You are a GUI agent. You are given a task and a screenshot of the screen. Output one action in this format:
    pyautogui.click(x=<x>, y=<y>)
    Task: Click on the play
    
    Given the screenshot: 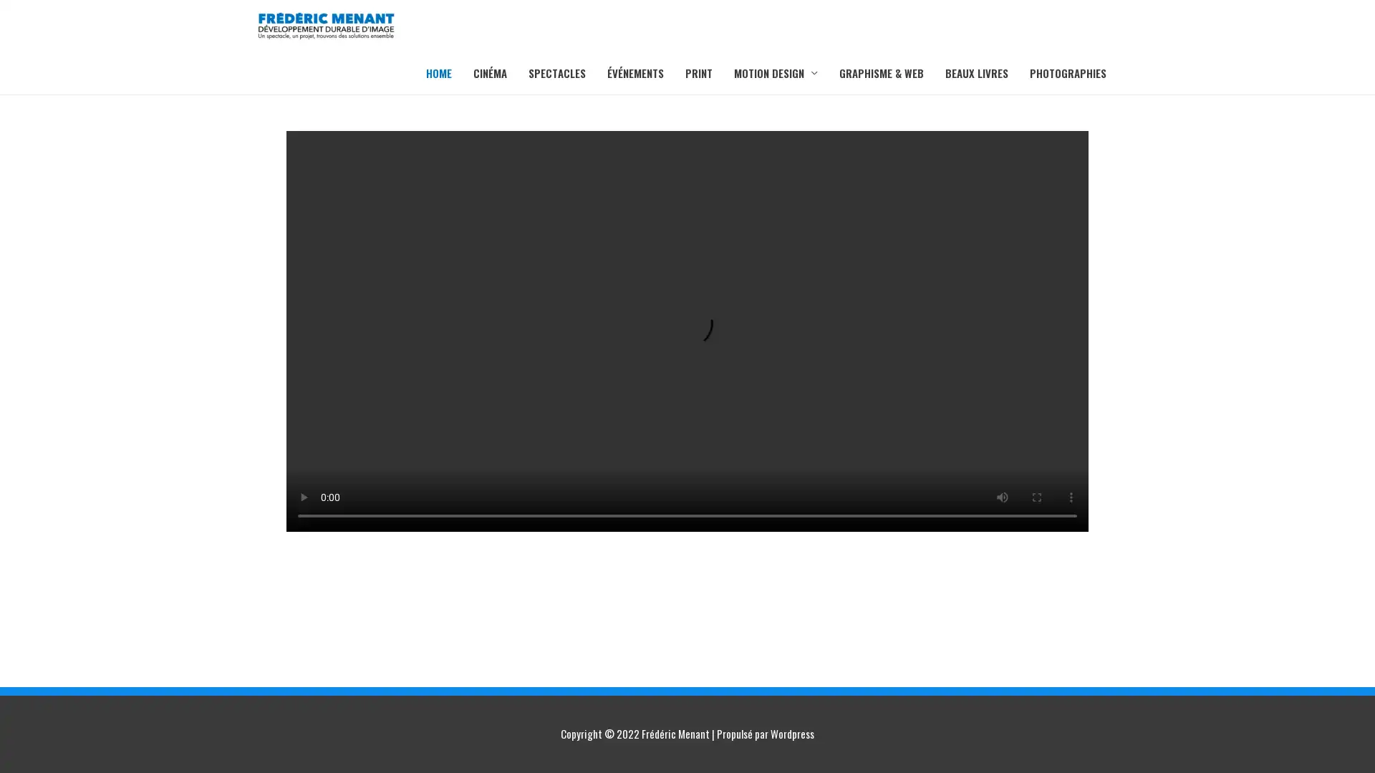 What is the action you would take?
    pyautogui.click(x=302, y=496)
    